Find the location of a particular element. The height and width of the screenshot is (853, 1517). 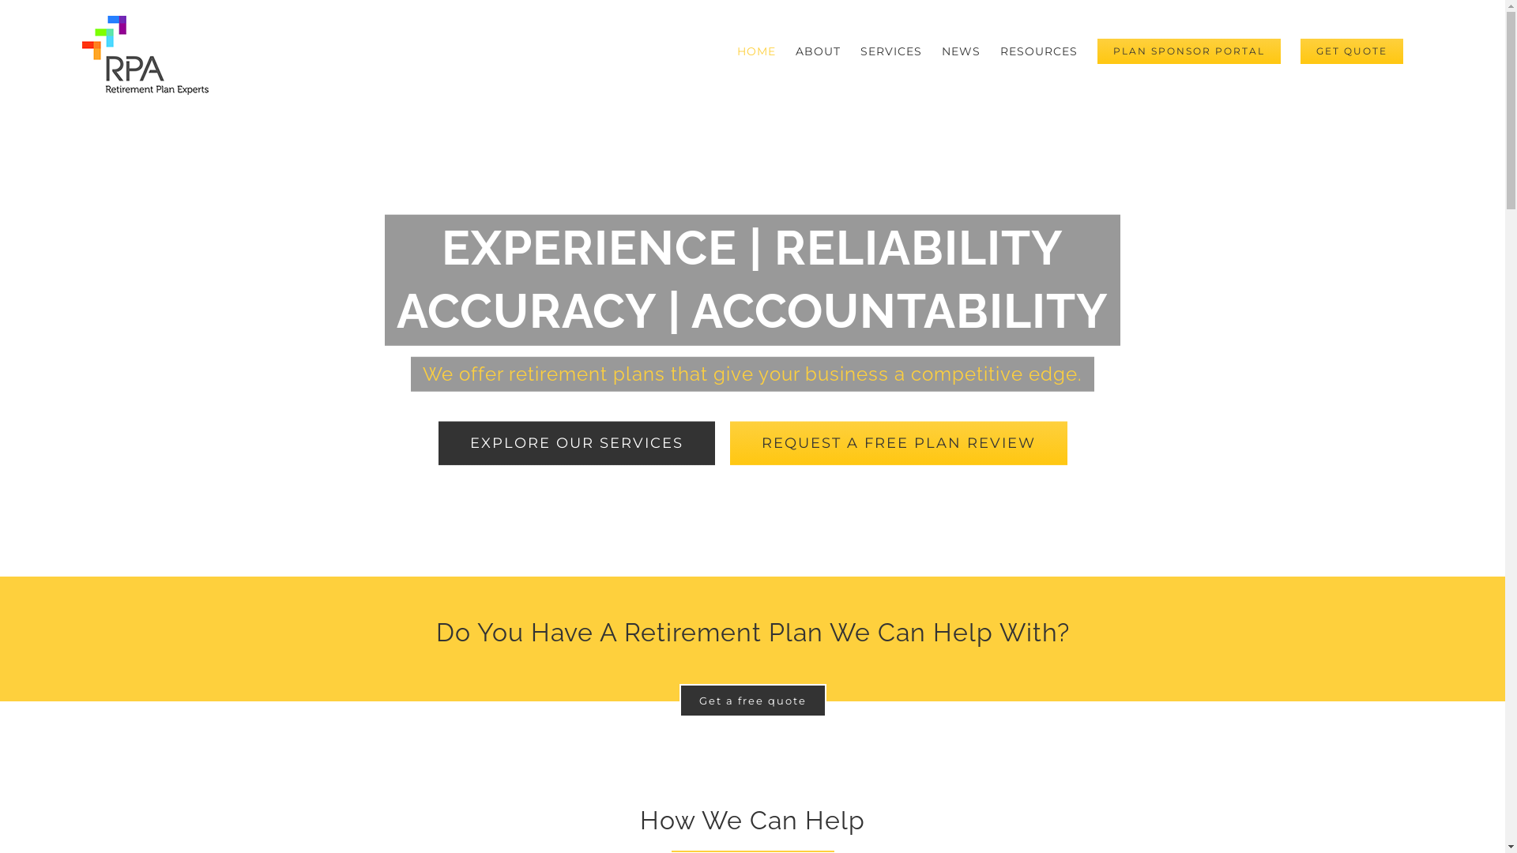

'ABOUT' is located at coordinates (818, 51).